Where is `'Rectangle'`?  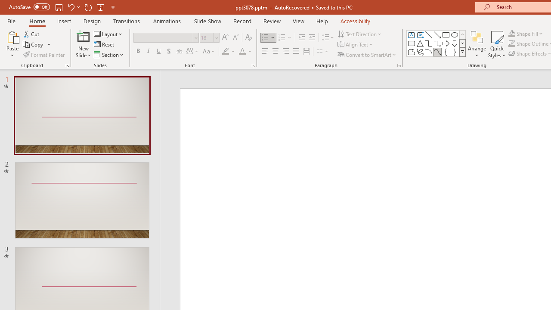
'Rectangle' is located at coordinates (446, 34).